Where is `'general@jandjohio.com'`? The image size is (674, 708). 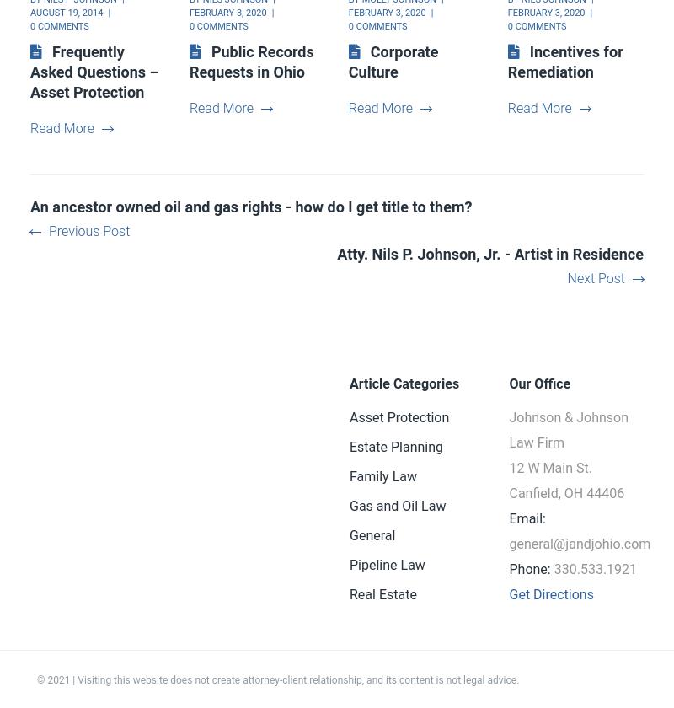
'general@jandjohio.com' is located at coordinates (580, 544).